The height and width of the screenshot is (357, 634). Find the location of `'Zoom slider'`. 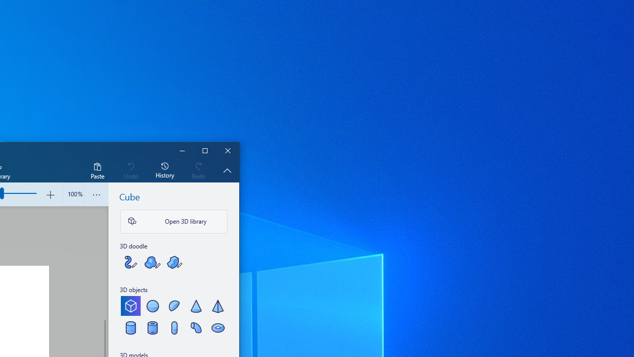

'Zoom slider' is located at coordinates (73, 194).